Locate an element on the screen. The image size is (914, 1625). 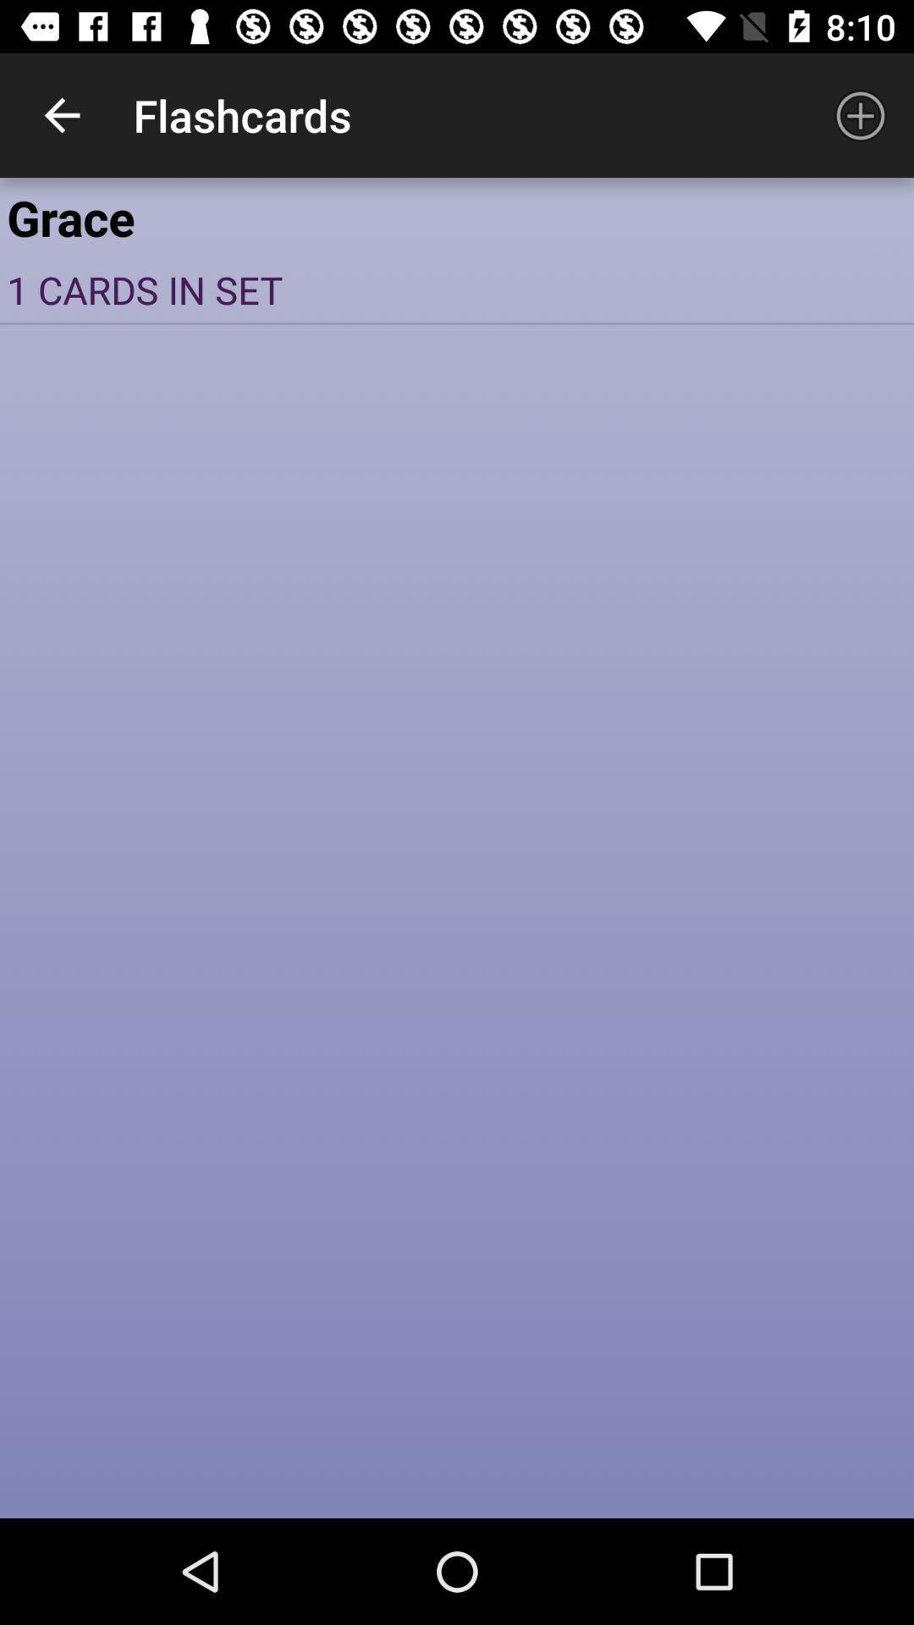
the item to the left of flashcards app is located at coordinates (61, 114).